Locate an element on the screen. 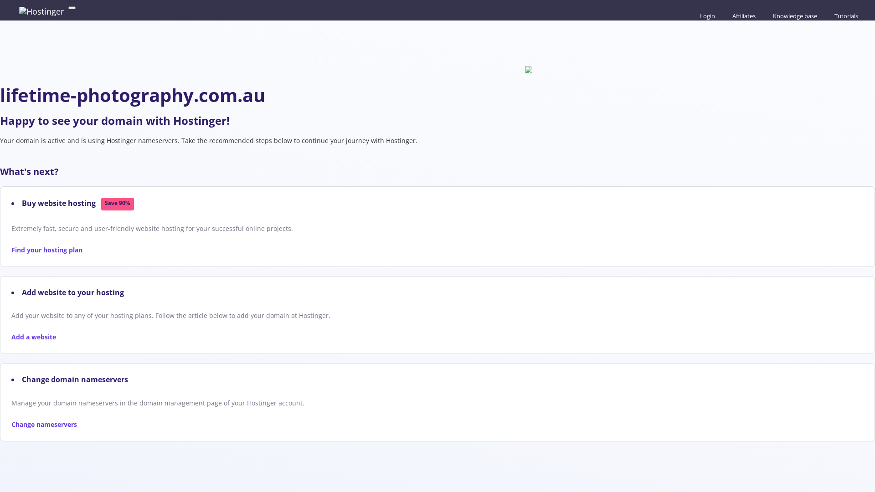 Image resolution: width=875 pixels, height=492 pixels. 'Affiliates' is located at coordinates (743, 15).